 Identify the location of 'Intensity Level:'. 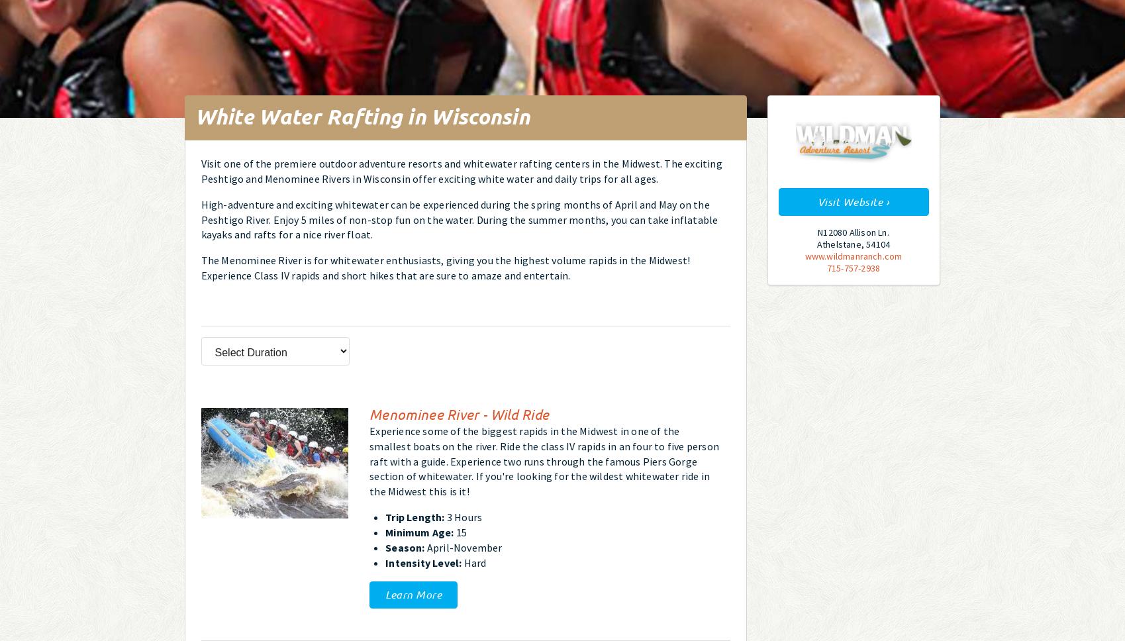
(423, 562).